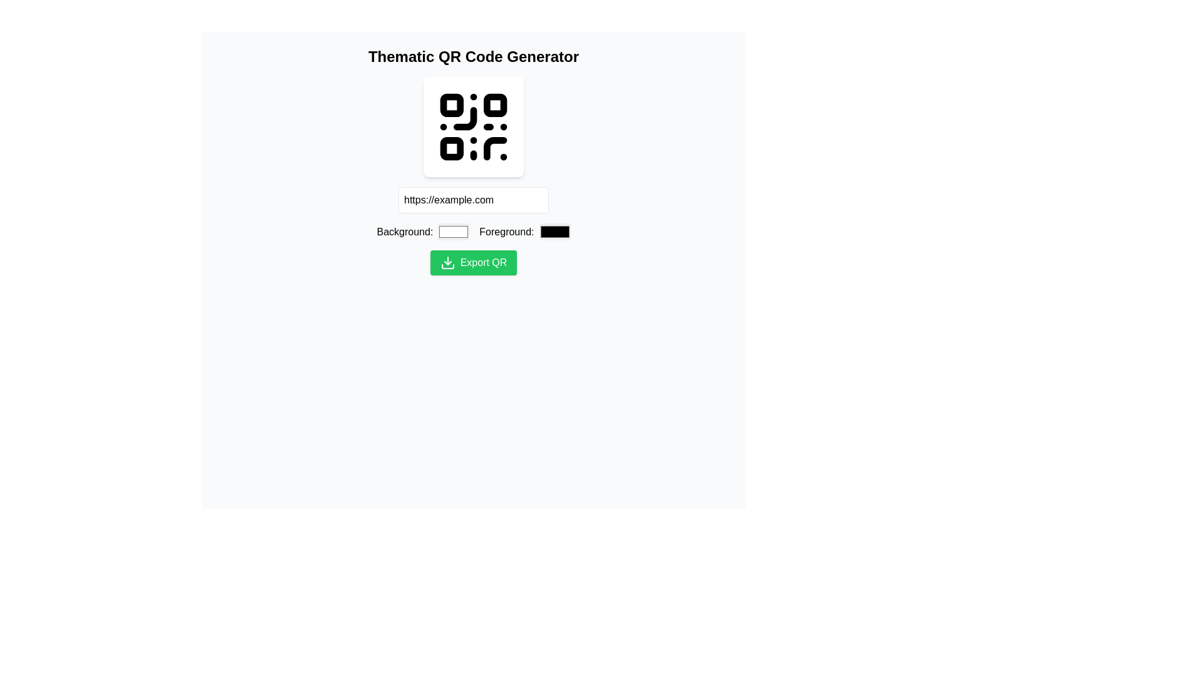  What do you see at coordinates (554, 232) in the screenshot?
I see `the rectangular black color input box located to the right of the 'Foreground:' label for preview interaction` at bounding box center [554, 232].